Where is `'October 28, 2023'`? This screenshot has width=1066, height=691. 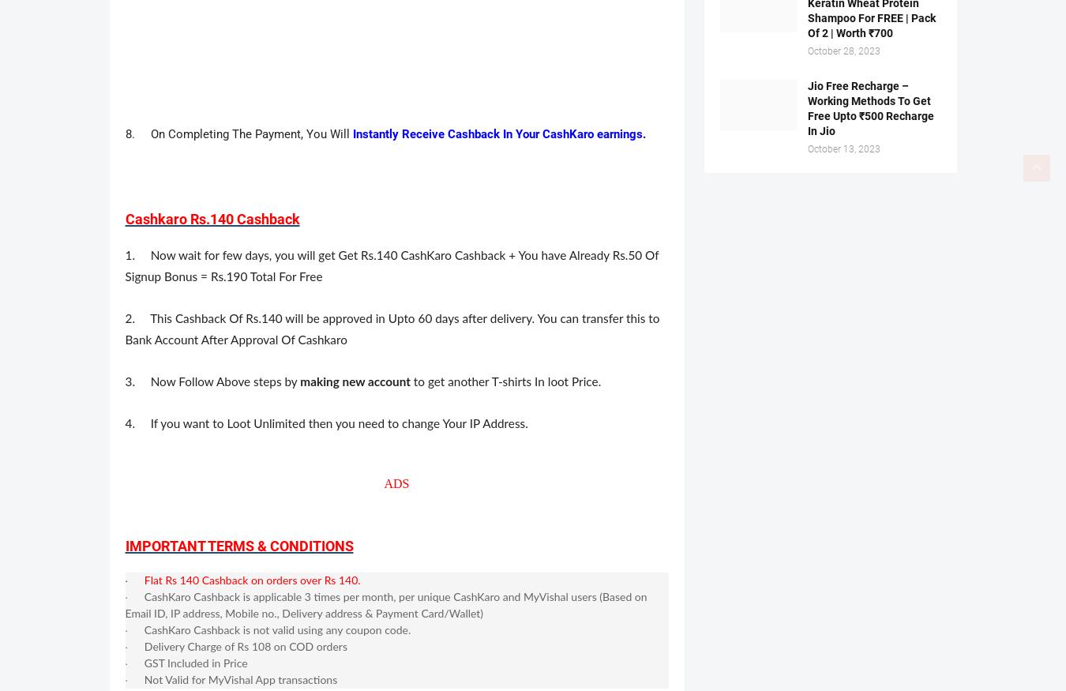 'October 28, 2023' is located at coordinates (843, 49).